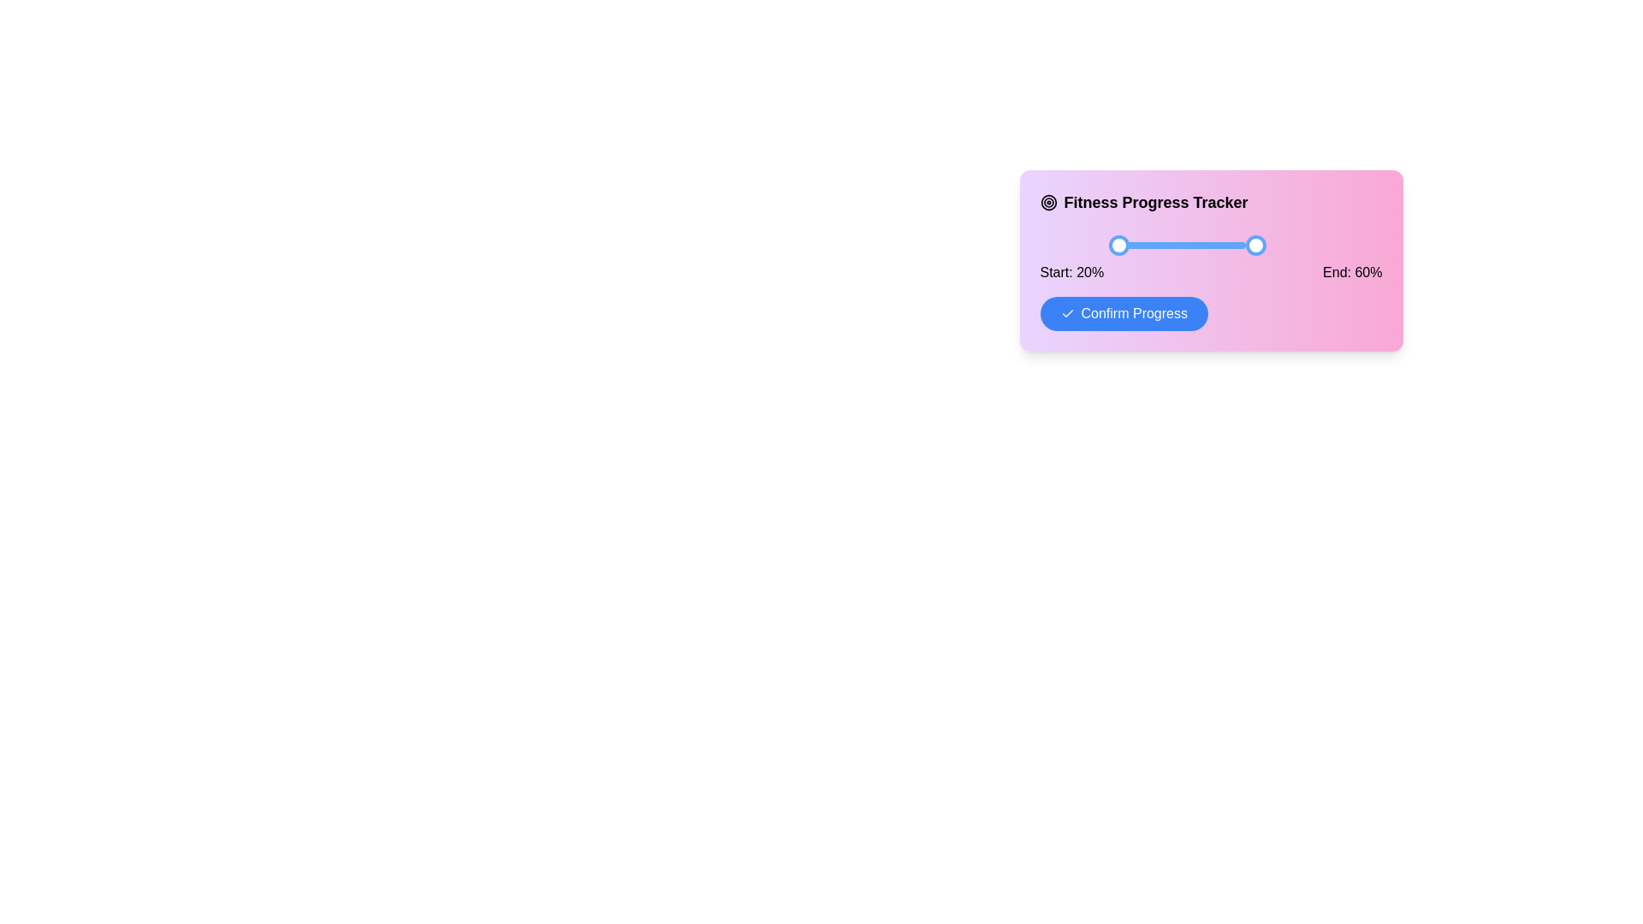 The width and height of the screenshot is (1643, 924). I want to click on the progress bar located centrally within the card, below the 'Fitness Progress Tracker' title, so click(1210, 234).